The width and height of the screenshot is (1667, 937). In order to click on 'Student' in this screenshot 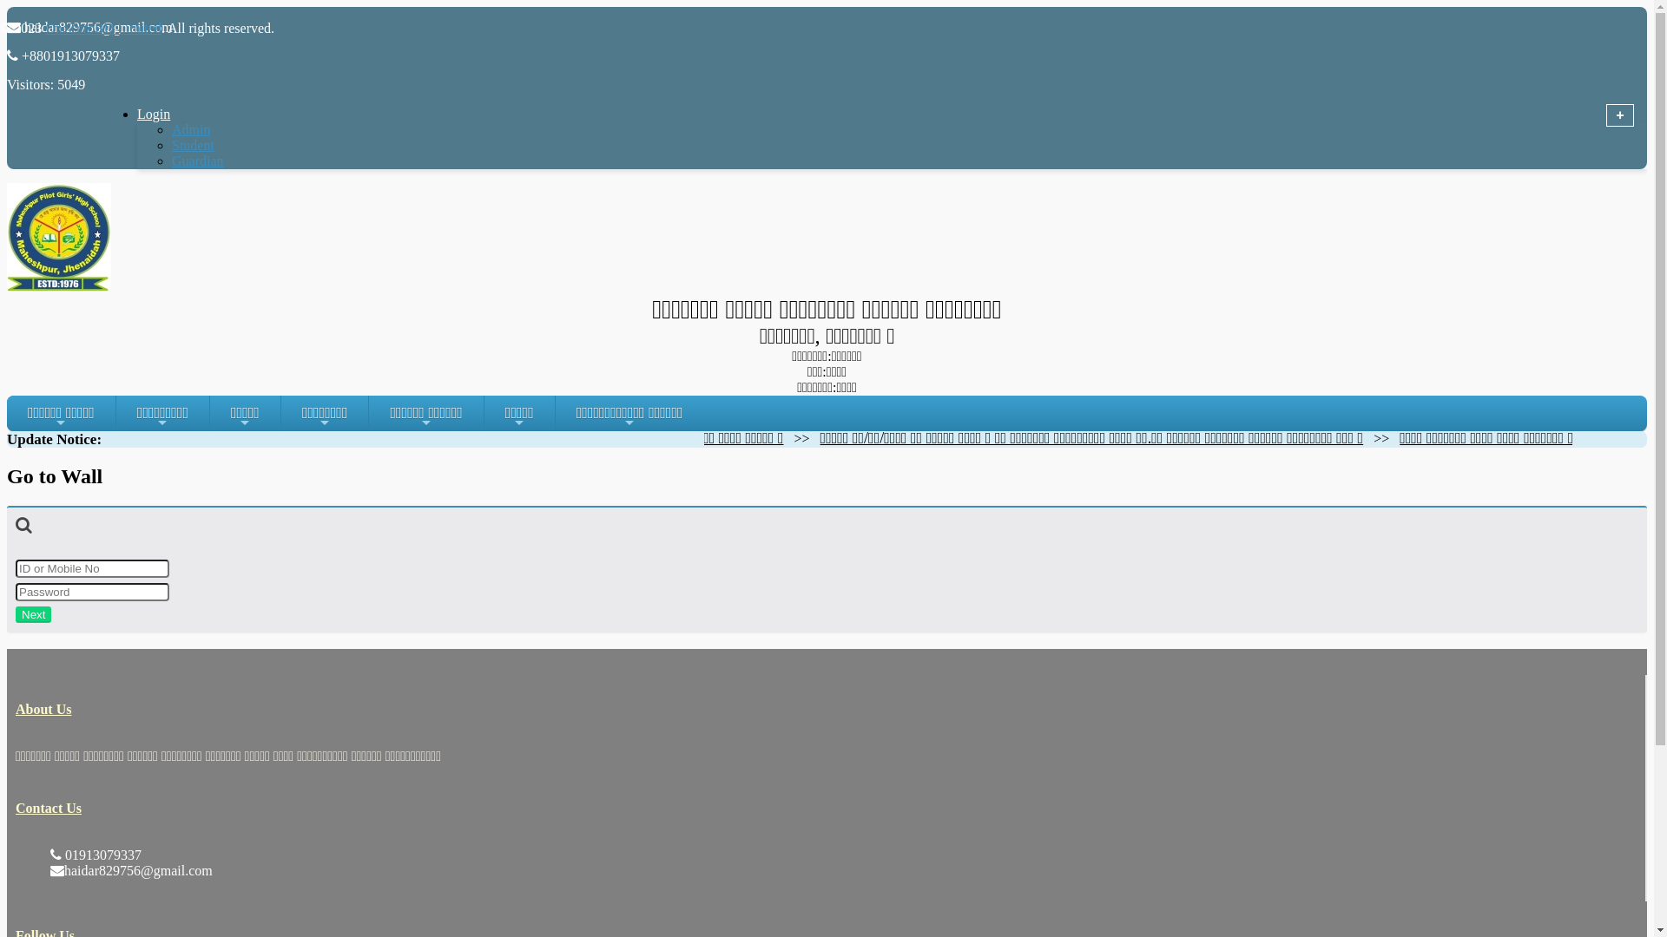, I will do `click(193, 144)`.